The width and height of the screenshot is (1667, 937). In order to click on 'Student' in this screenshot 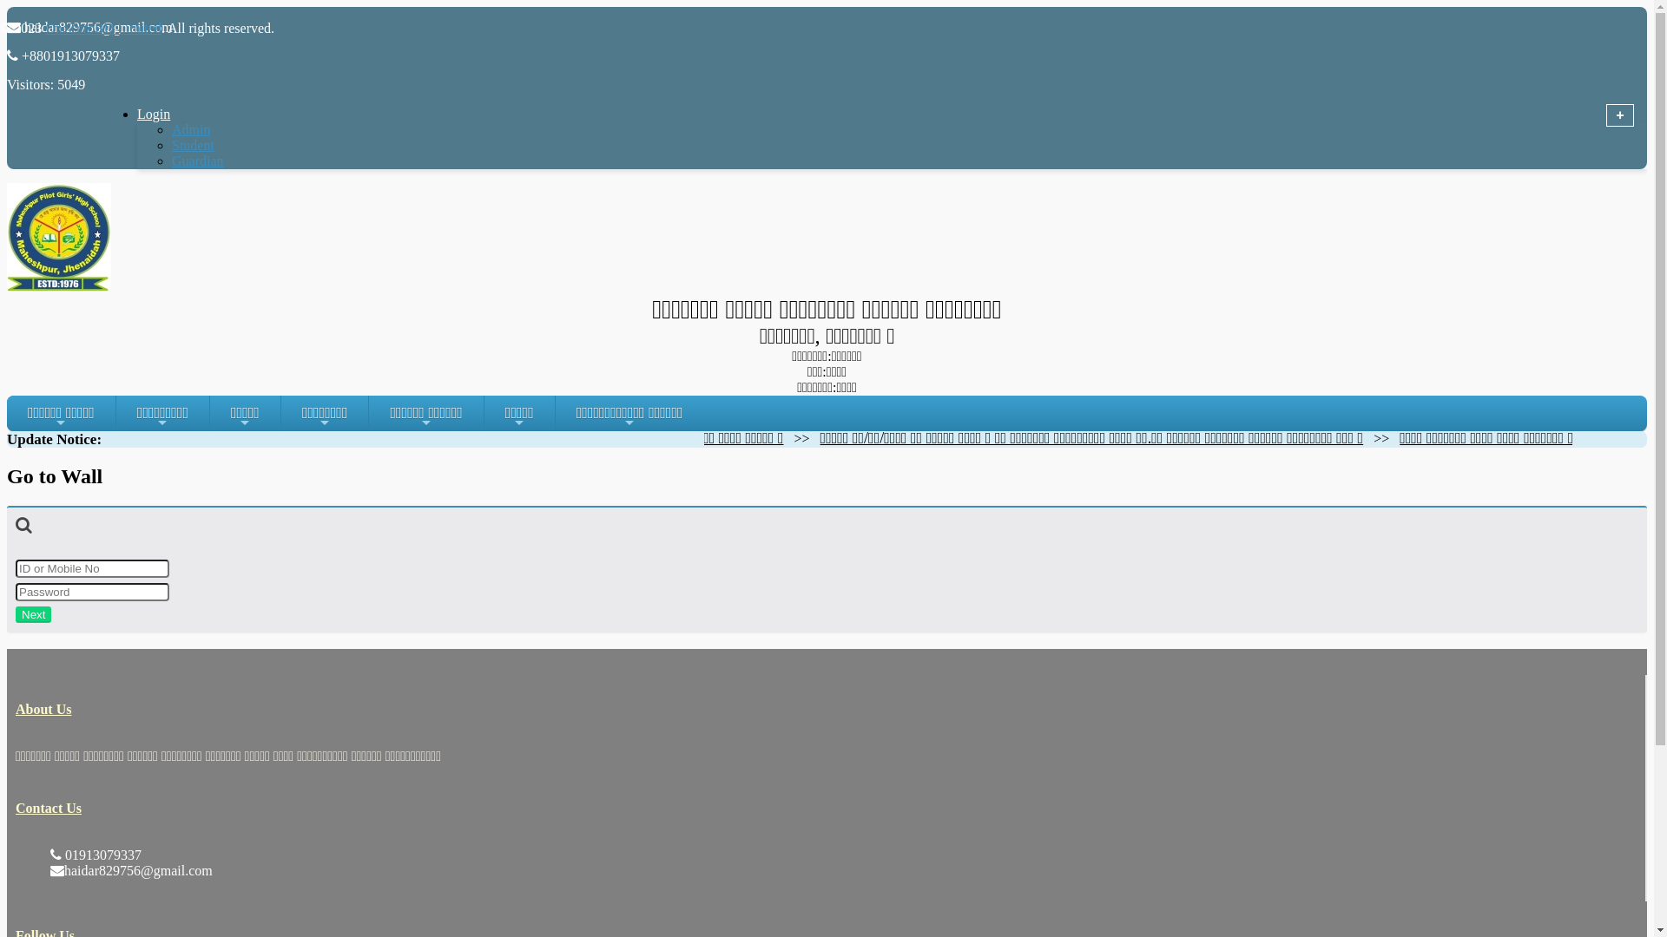, I will do `click(193, 144)`.